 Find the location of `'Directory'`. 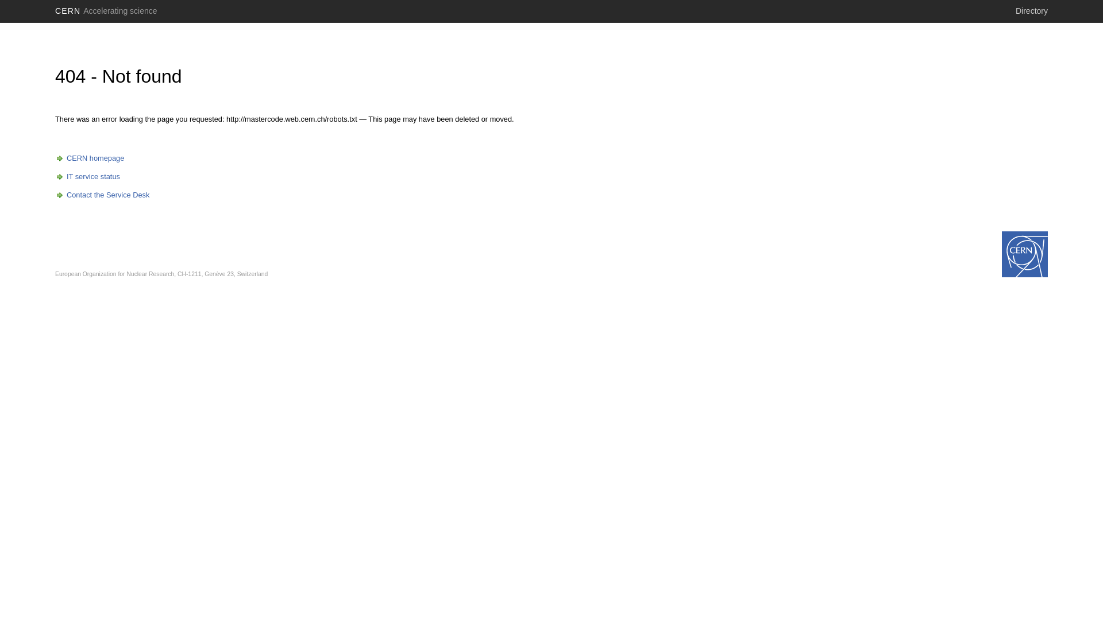

'Directory' is located at coordinates (1031, 11).